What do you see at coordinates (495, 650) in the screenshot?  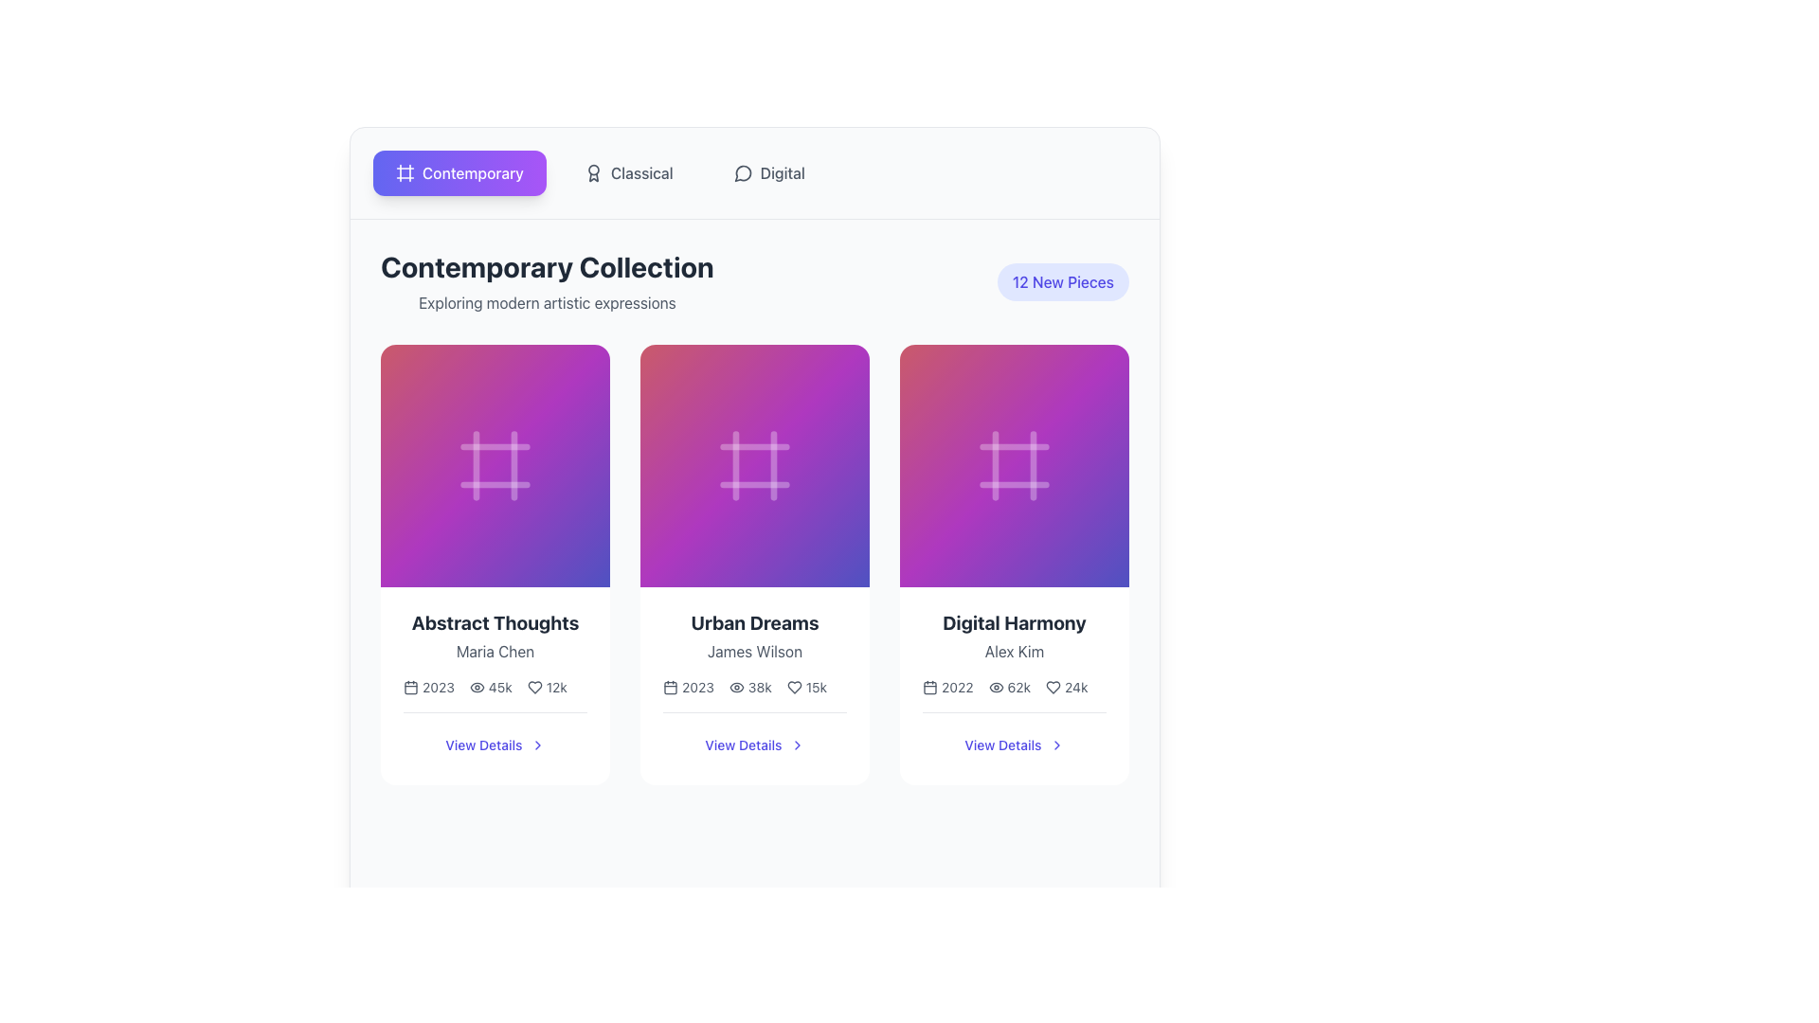 I see `the text label displaying 'Maria Chen' which is positioned below the heading 'Abstract Thoughts' in the leftmost card of a grid layout` at bounding box center [495, 650].